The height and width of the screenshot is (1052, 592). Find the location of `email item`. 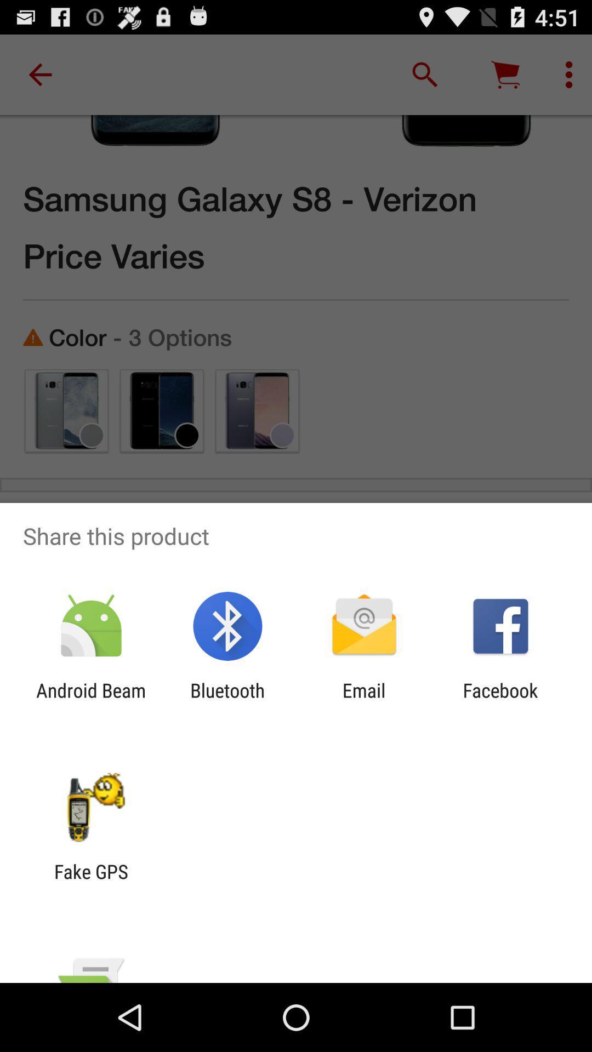

email item is located at coordinates (364, 702).